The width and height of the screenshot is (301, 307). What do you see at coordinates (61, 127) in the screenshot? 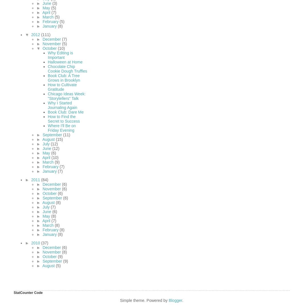
I see `'Where I'll Be on Friday Evening'` at bounding box center [61, 127].